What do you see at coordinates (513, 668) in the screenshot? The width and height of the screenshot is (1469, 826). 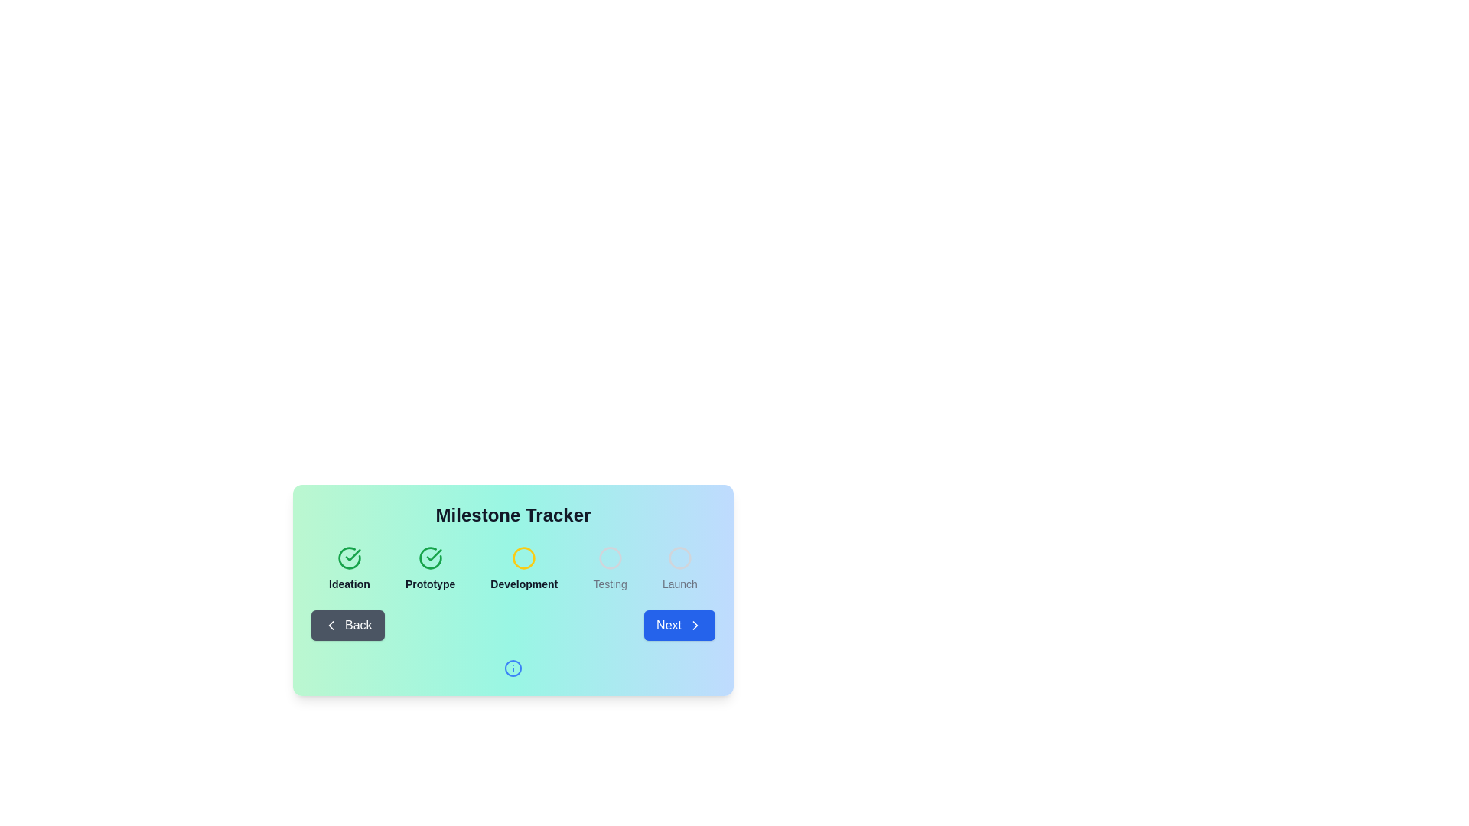 I see `the blue circular Icon (Information) with an 'i' symbol at its center` at bounding box center [513, 668].